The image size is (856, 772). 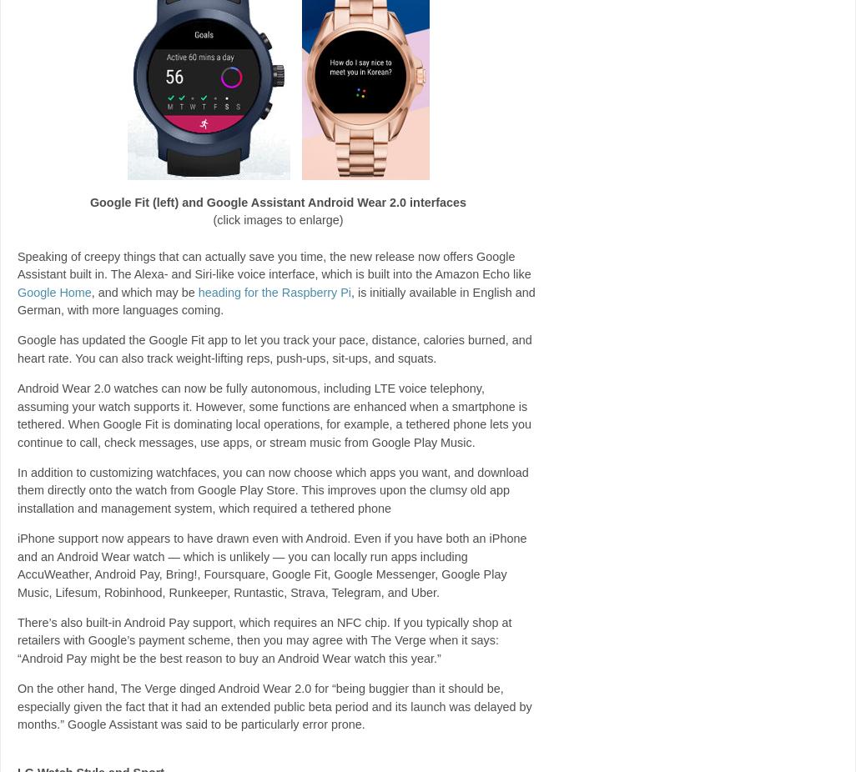 What do you see at coordinates (18, 300) in the screenshot?
I see `', is initially available in English and German, with more languages coming.'` at bounding box center [18, 300].